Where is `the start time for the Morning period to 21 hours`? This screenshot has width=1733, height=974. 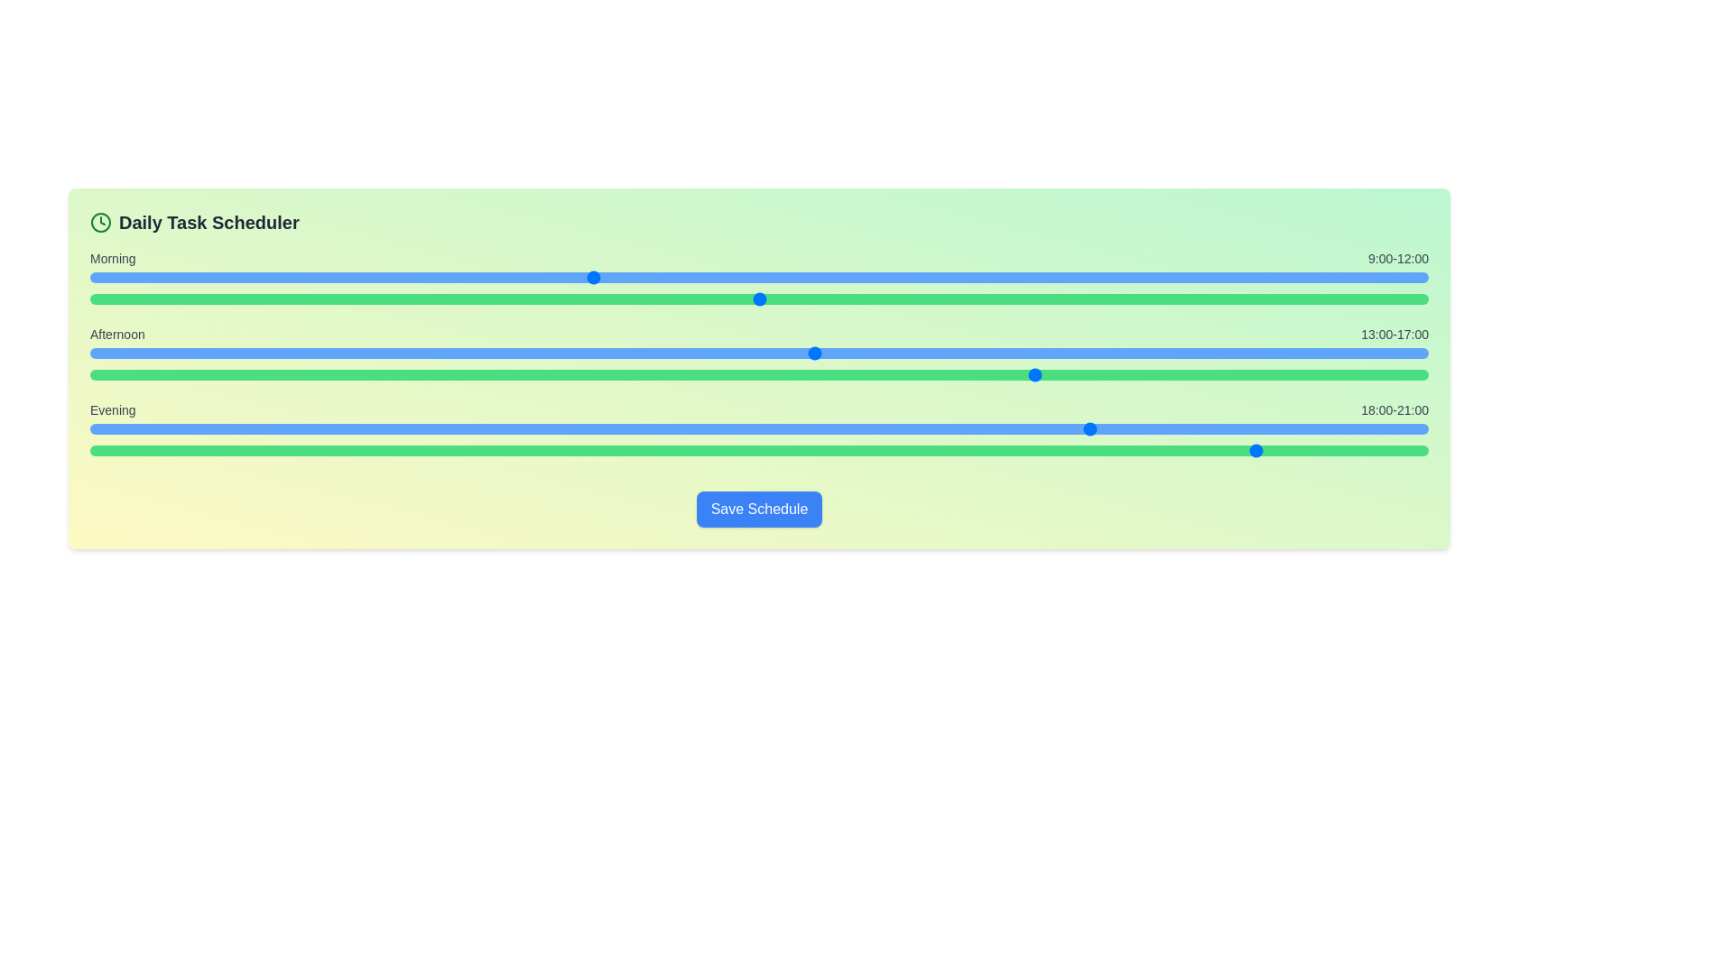
the start time for the Morning period to 21 hours is located at coordinates (1260, 278).